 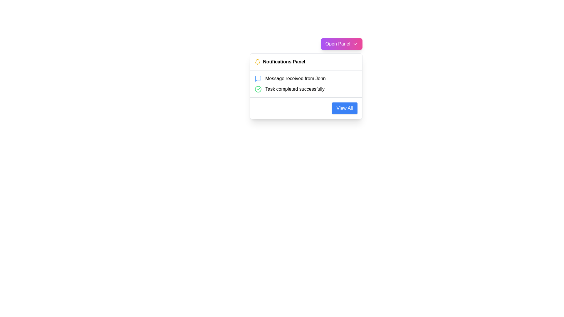 I want to click on the text label that indicates a successfully completed task in the notifications panel, located as the second item below the title, so click(x=295, y=89).